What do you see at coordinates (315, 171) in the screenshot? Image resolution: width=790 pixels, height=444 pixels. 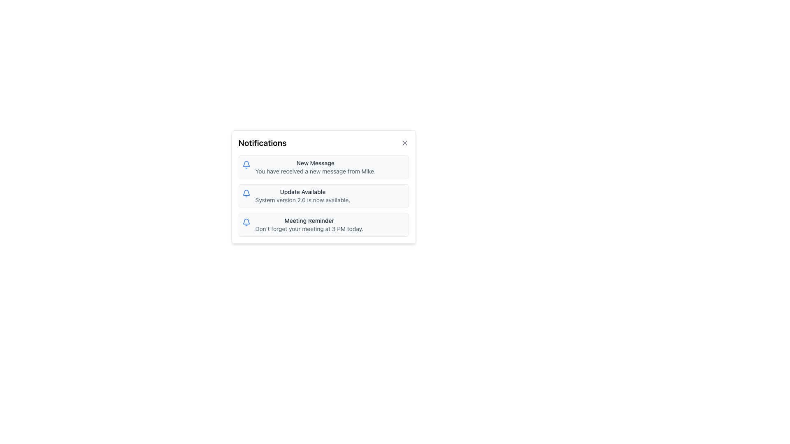 I see `the text label that displays 'You have received a new message from Mike.' located below the title 'New Message' in a notification card` at bounding box center [315, 171].